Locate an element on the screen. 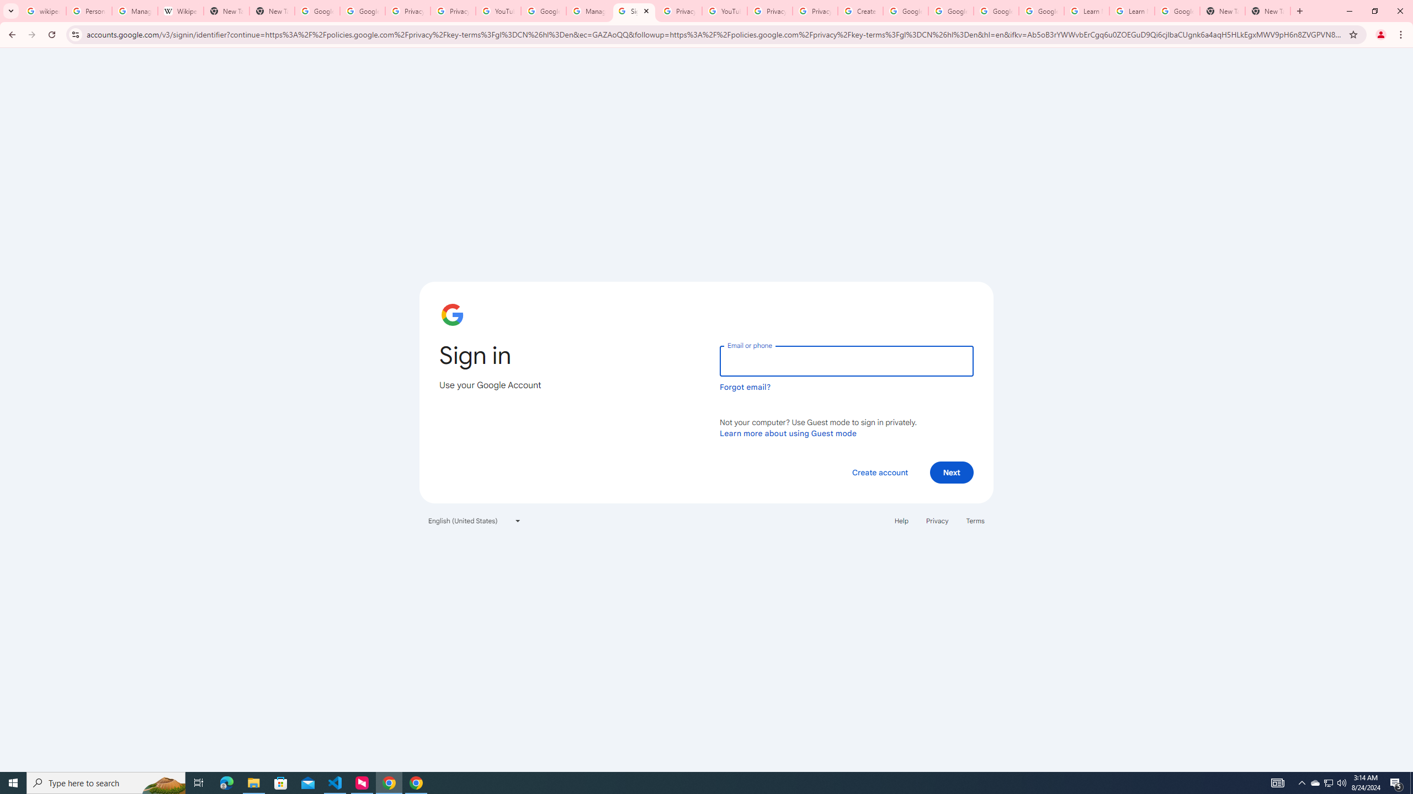  'Forgot email?' is located at coordinates (745, 387).